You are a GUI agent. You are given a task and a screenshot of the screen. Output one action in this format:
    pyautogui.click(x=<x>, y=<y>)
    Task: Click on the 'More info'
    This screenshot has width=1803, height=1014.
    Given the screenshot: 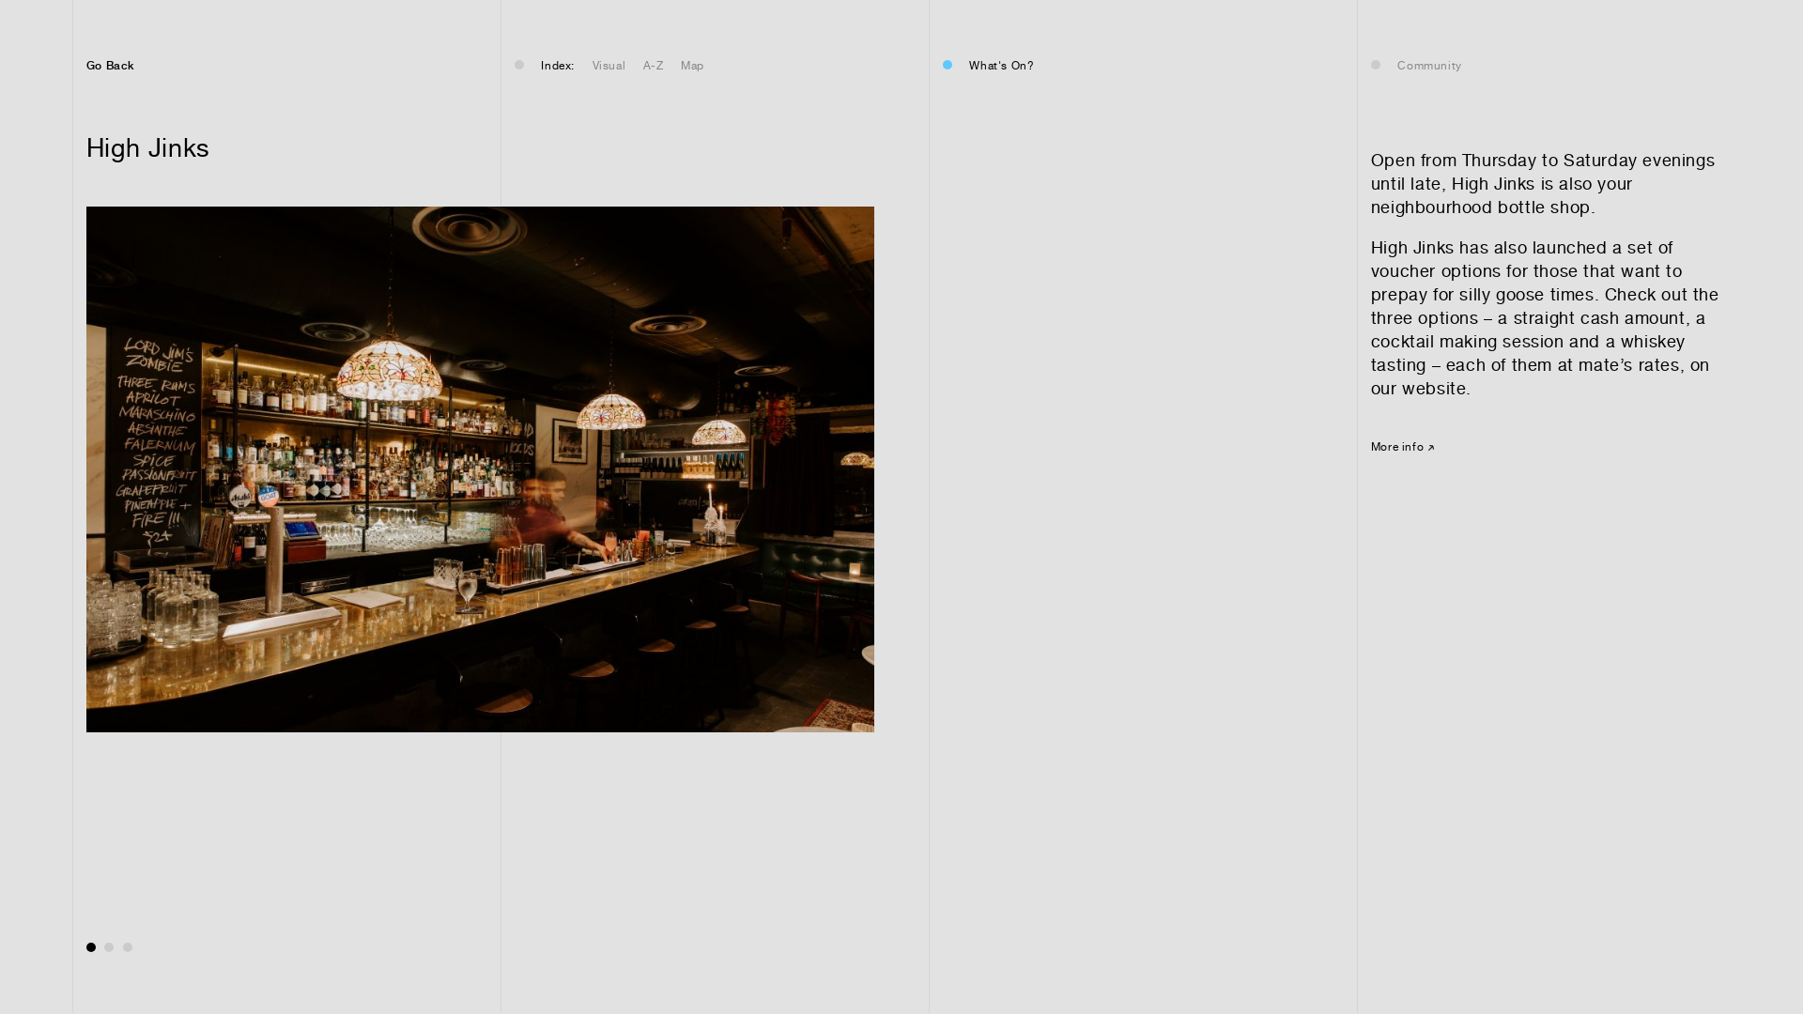 What is the action you would take?
    pyautogui.click(x=1403, y=446)
    